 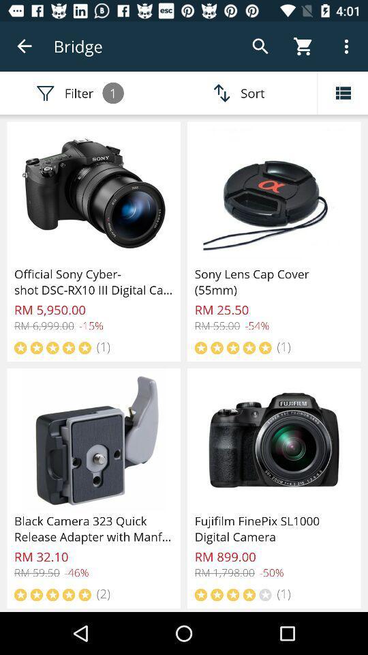 I want to click on display option, so click(x=342, y=92).